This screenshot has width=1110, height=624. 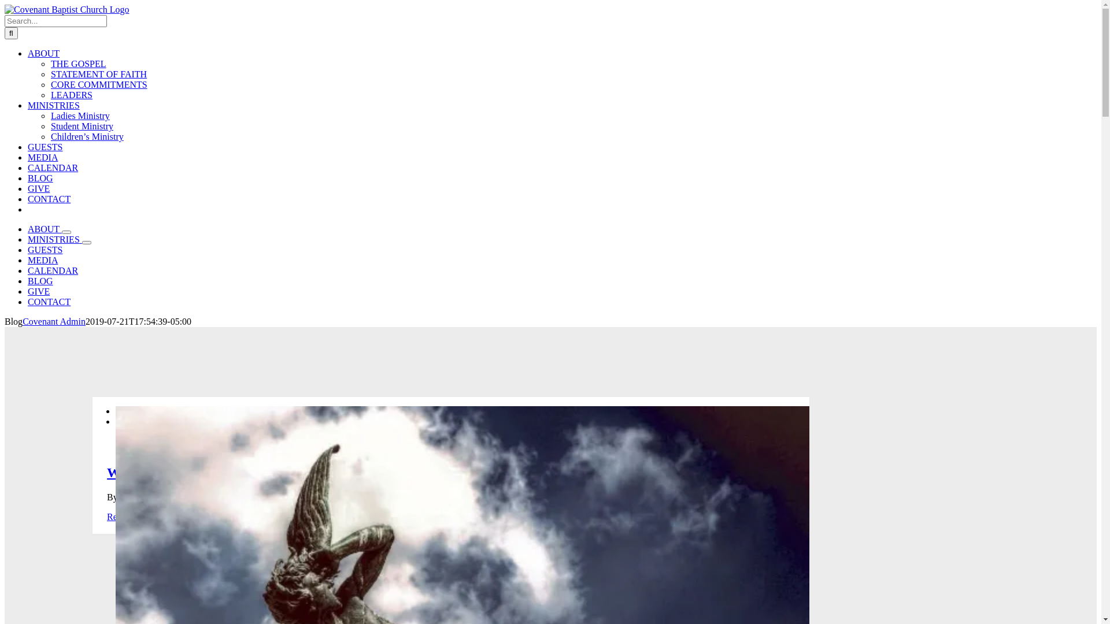 What do you see at coordinates (77, 64) in the screenshot?
I see `'THE GOSPEL'` at bounding box center [77, 64].